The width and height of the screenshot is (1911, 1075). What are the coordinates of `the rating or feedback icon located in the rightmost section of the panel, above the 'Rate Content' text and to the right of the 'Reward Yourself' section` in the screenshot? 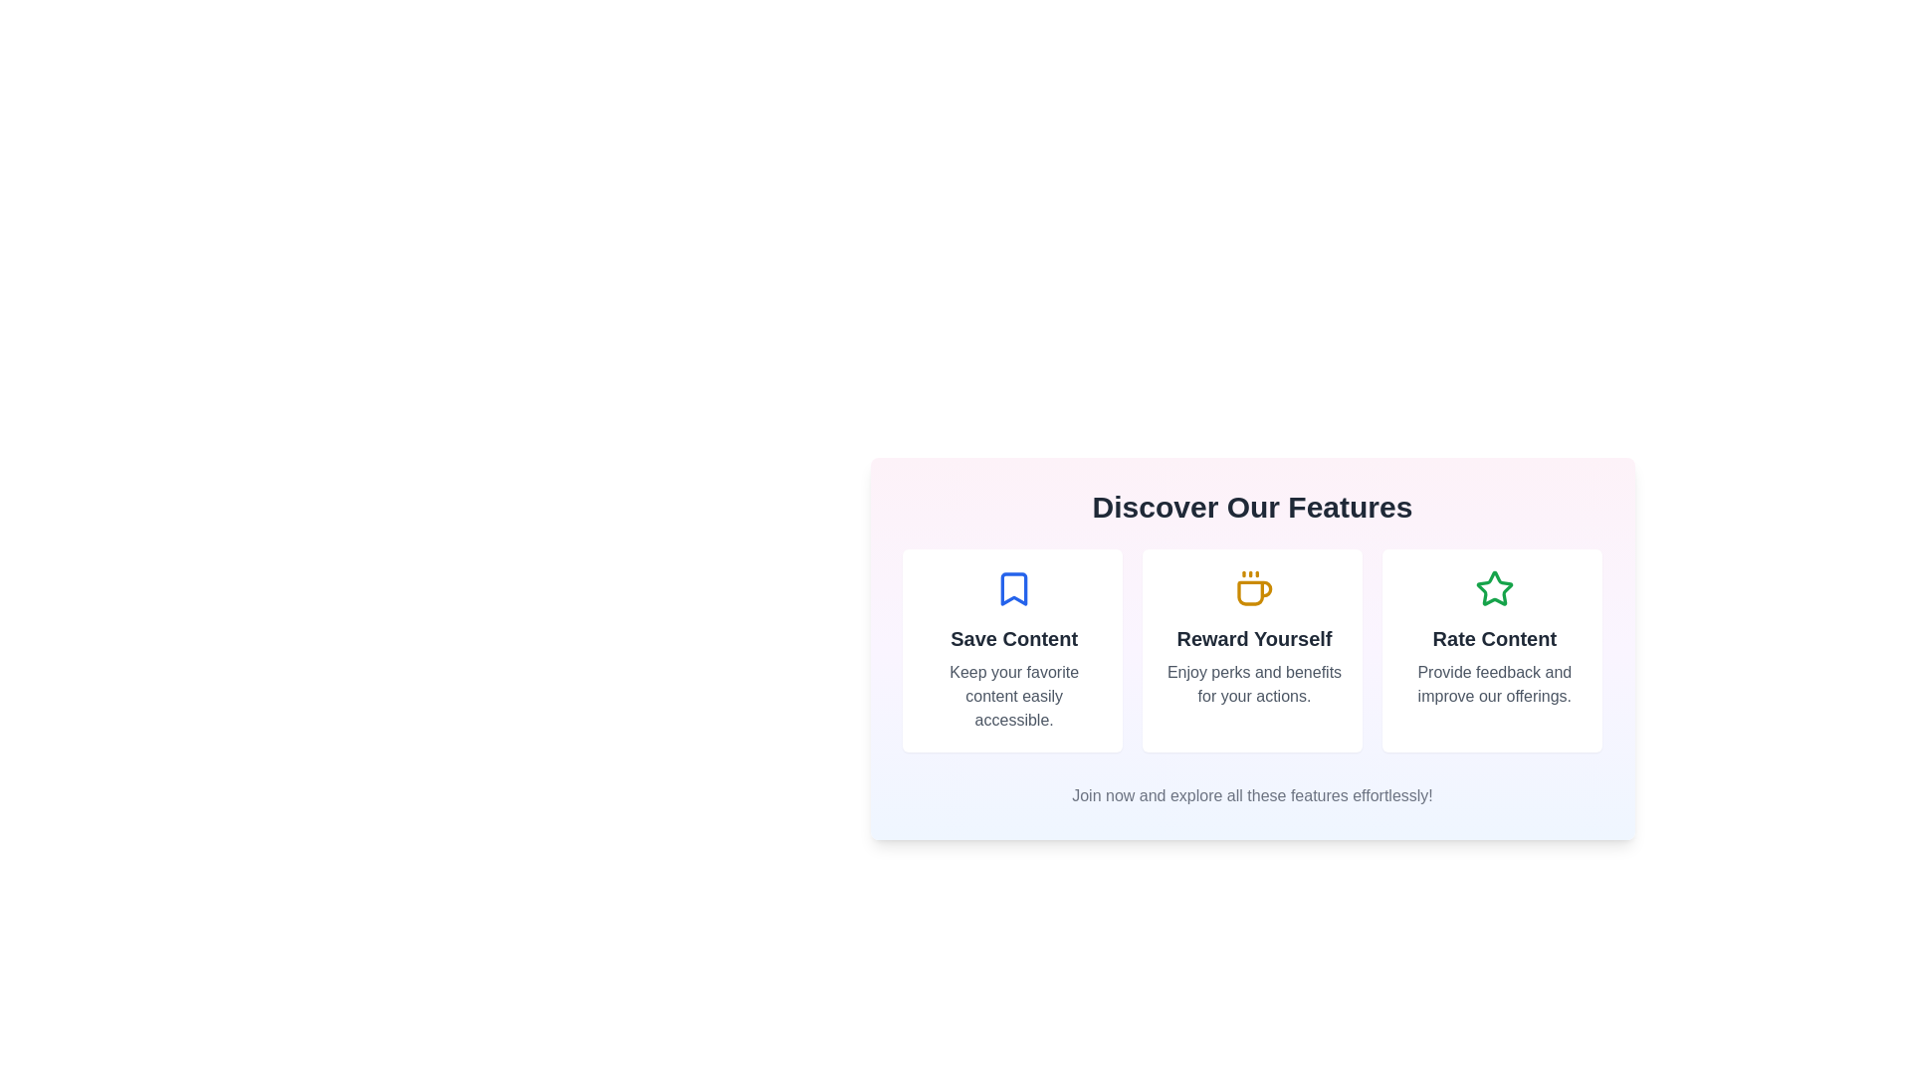 It's located at (1494, 587).